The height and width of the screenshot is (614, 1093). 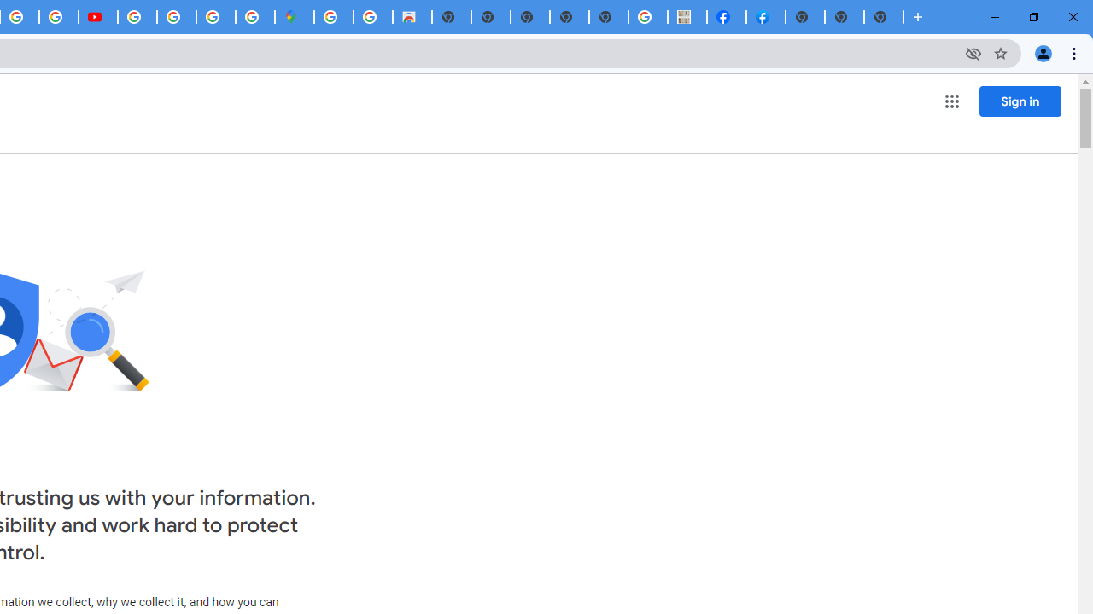 I want to click on 'Chrome Web Store - Shopping', so click(x=412, y=17).